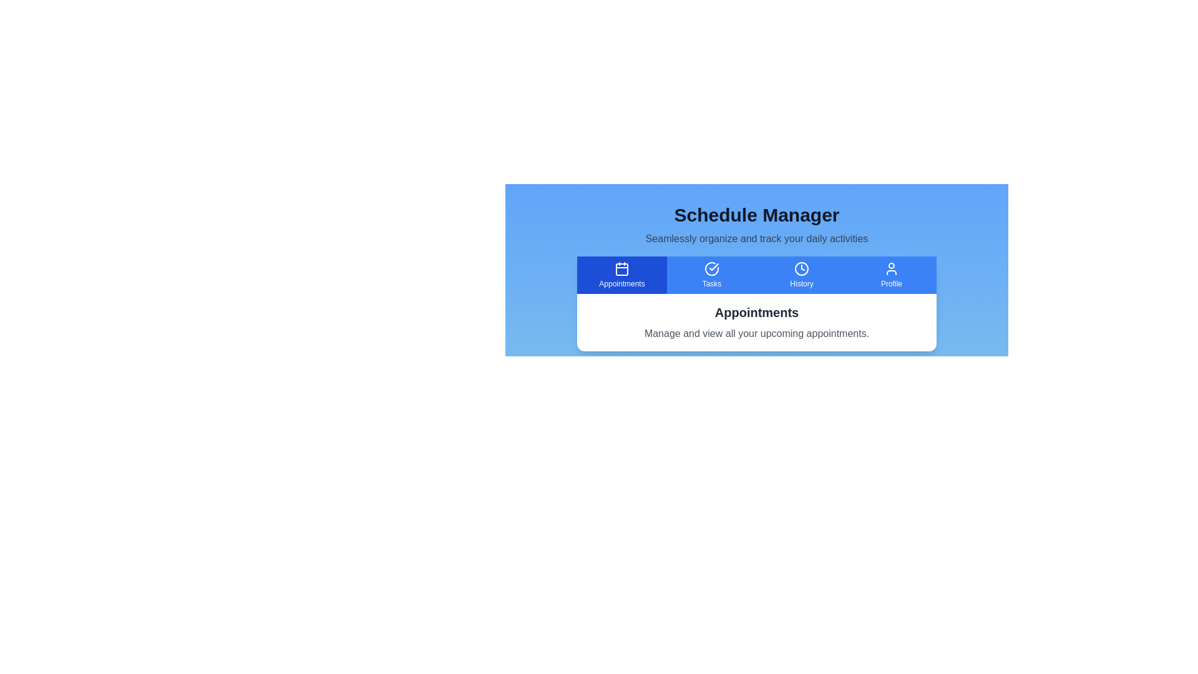  I want to click on the 'Tasks' section label in the navigation menu, which is located adjacent to the circular icon representing tasks, so click(712, 284).